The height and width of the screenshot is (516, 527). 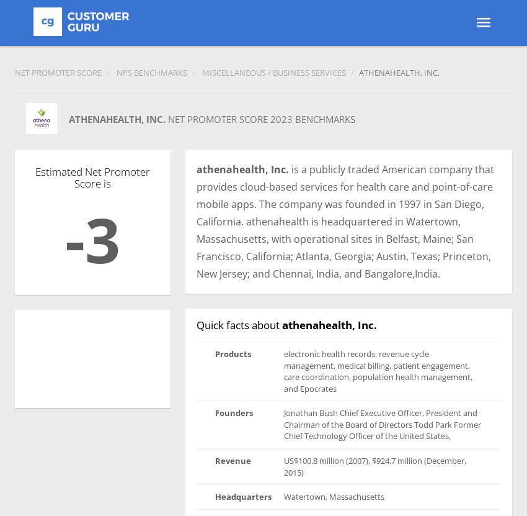 What do you see at coordinates (92, 177) in the screenshot?
I see `'Estimated Net Promoter Score is'` at bounding box center [92, 177].